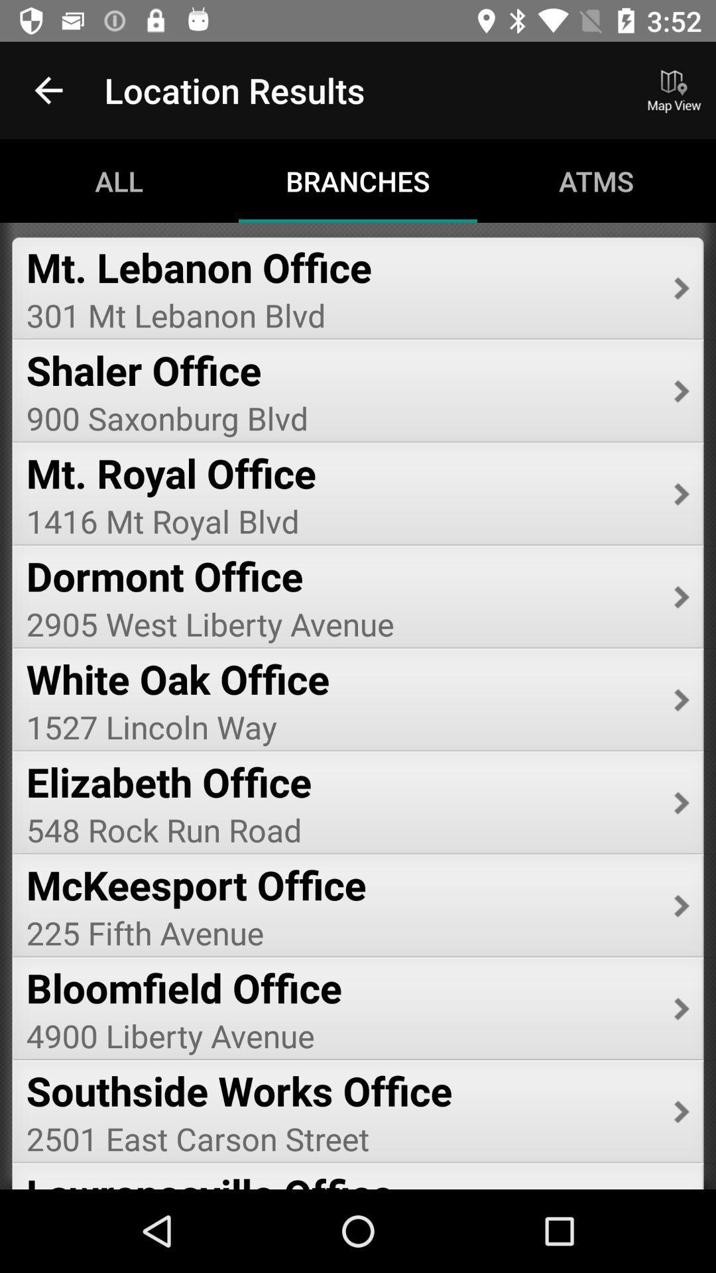 Image resolution: width=716 pixels, height=1273 pixels. Describe the element at coordinates (340, 678) in the screenshot. I see `the icon below 2905 west liberty icon` at that location.